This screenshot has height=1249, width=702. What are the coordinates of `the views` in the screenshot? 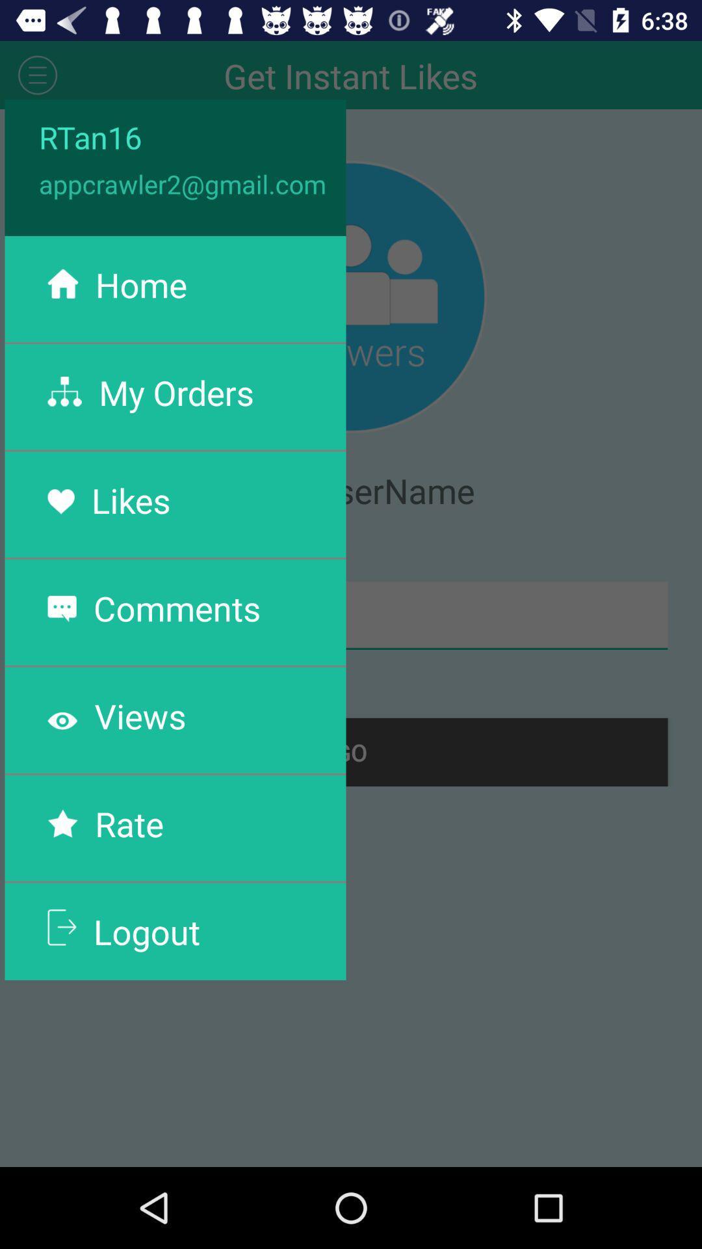 It's located at (140, 715).